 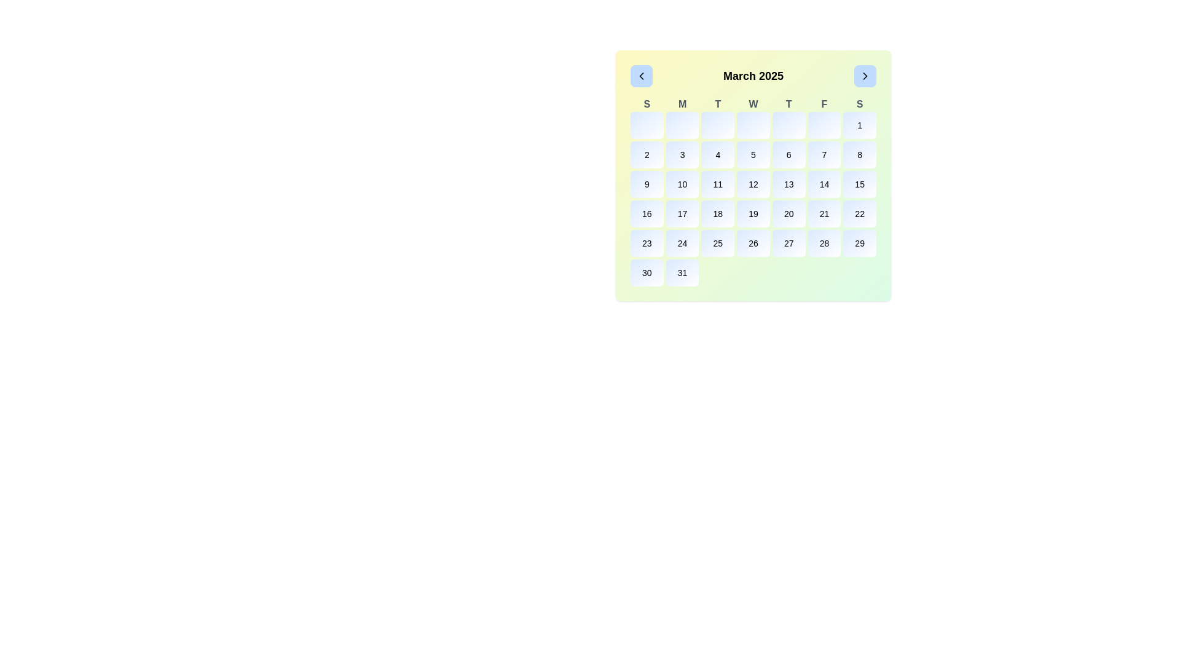 What do you see at coordinates (682, 243) in the screenshot?
I see `the button representing the date March 24th on the calendar interface` at bounding box center [682, 243].